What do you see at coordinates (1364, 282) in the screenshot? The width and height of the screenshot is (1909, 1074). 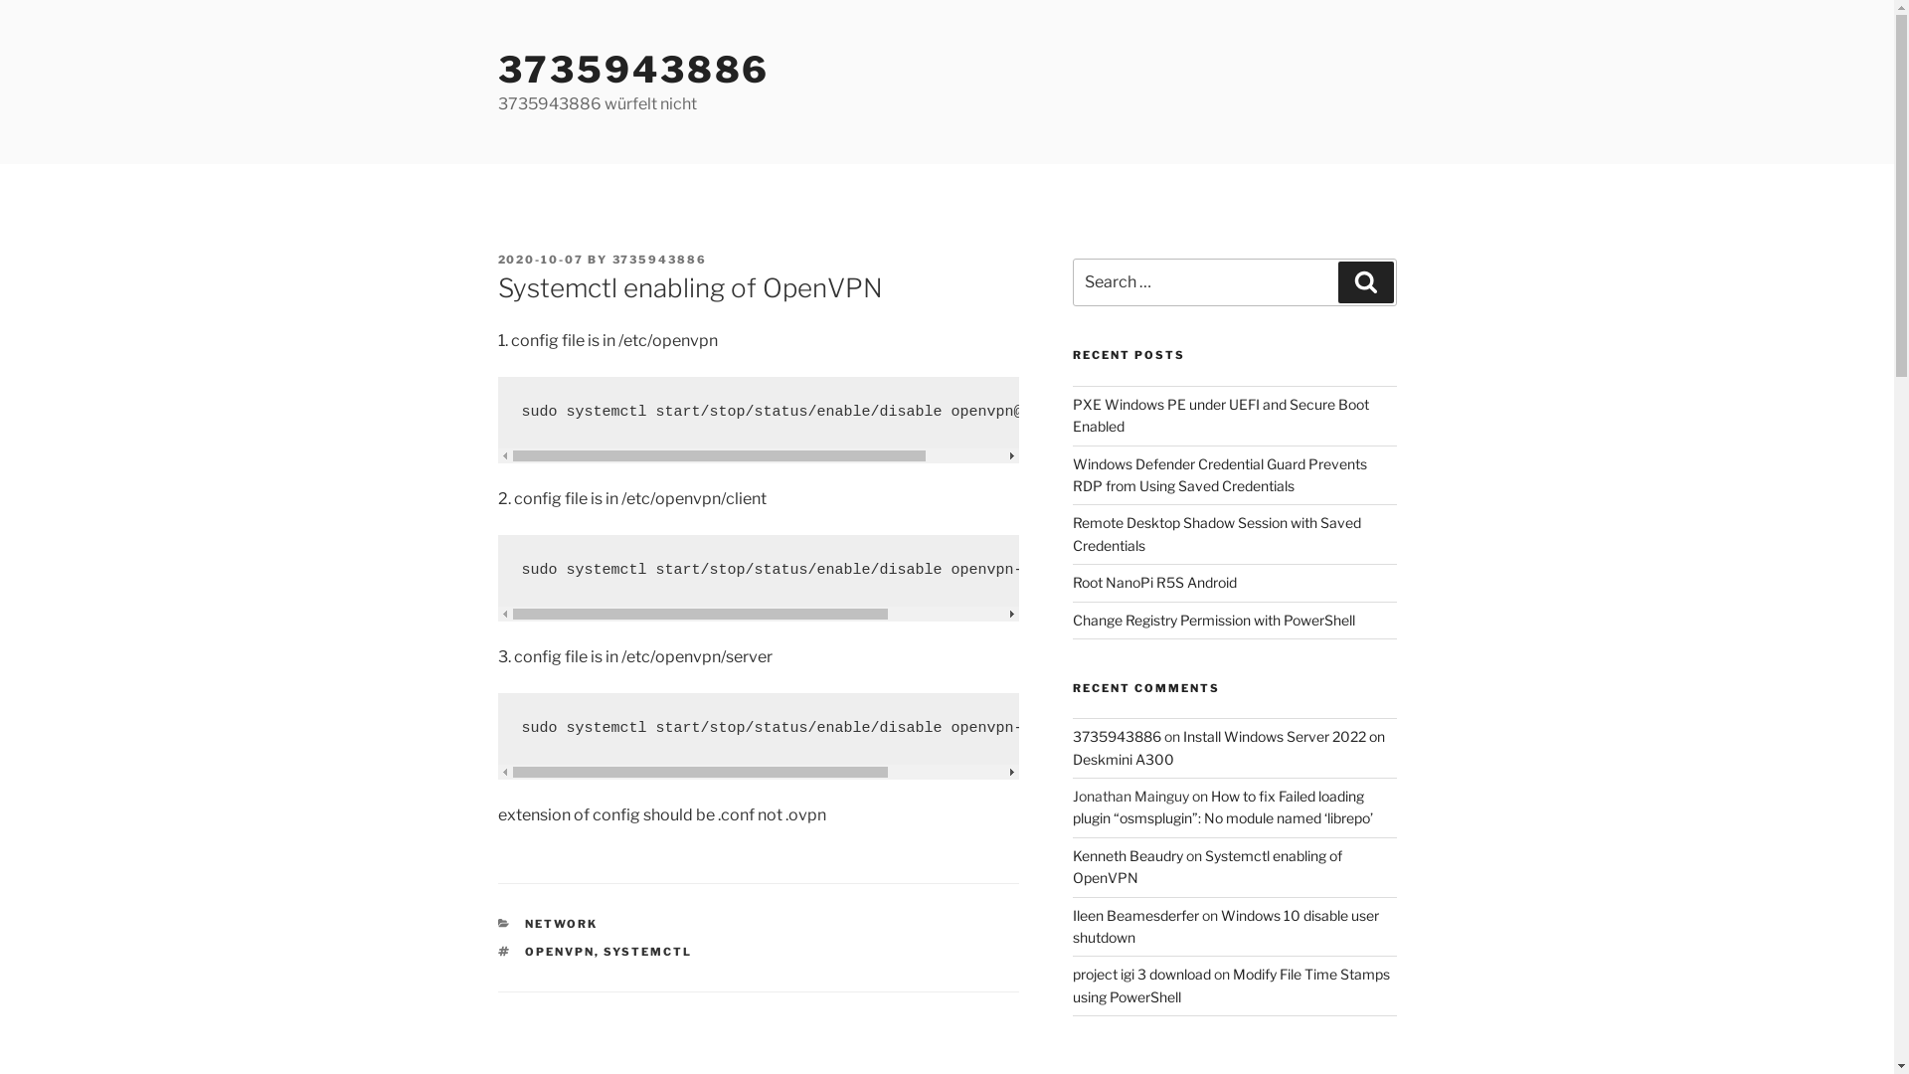 I see `'Search'` at bounding box center [1364, 282].